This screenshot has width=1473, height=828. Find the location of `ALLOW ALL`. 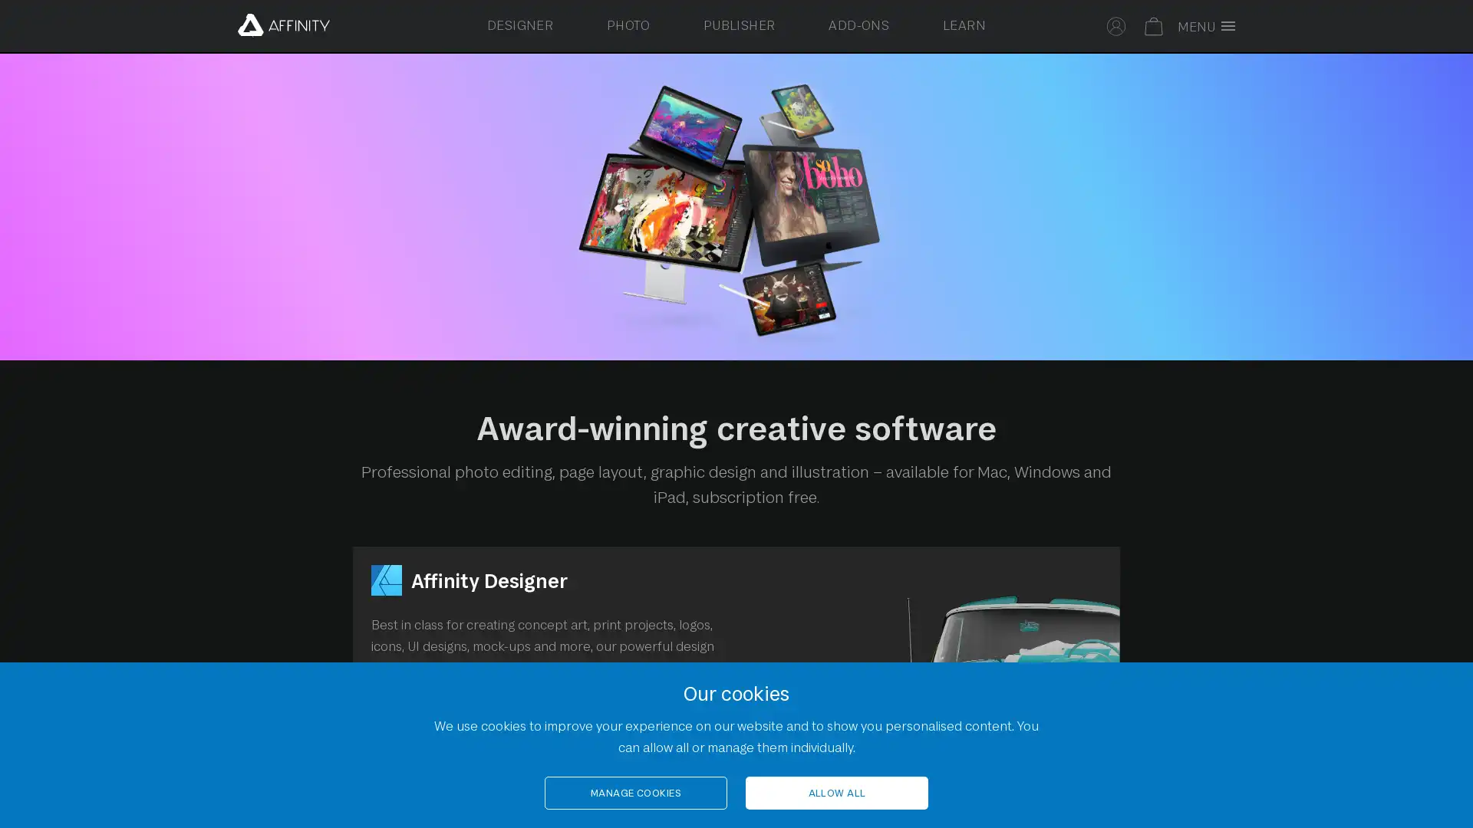

ALLOW ALL is located at coordinates (835, 793).